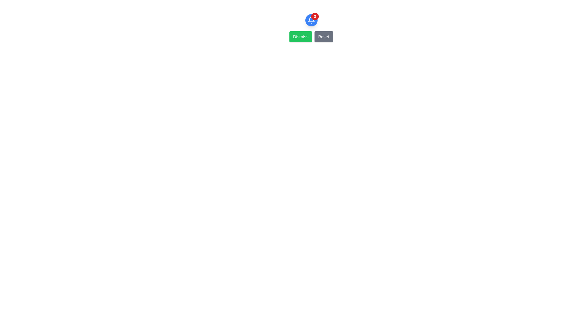 This screenshot has width=588, height=331. I want to click on the 'Dismiss' button located in the composite UI component directly below the bell icon with a red badge, so click(311, 36).